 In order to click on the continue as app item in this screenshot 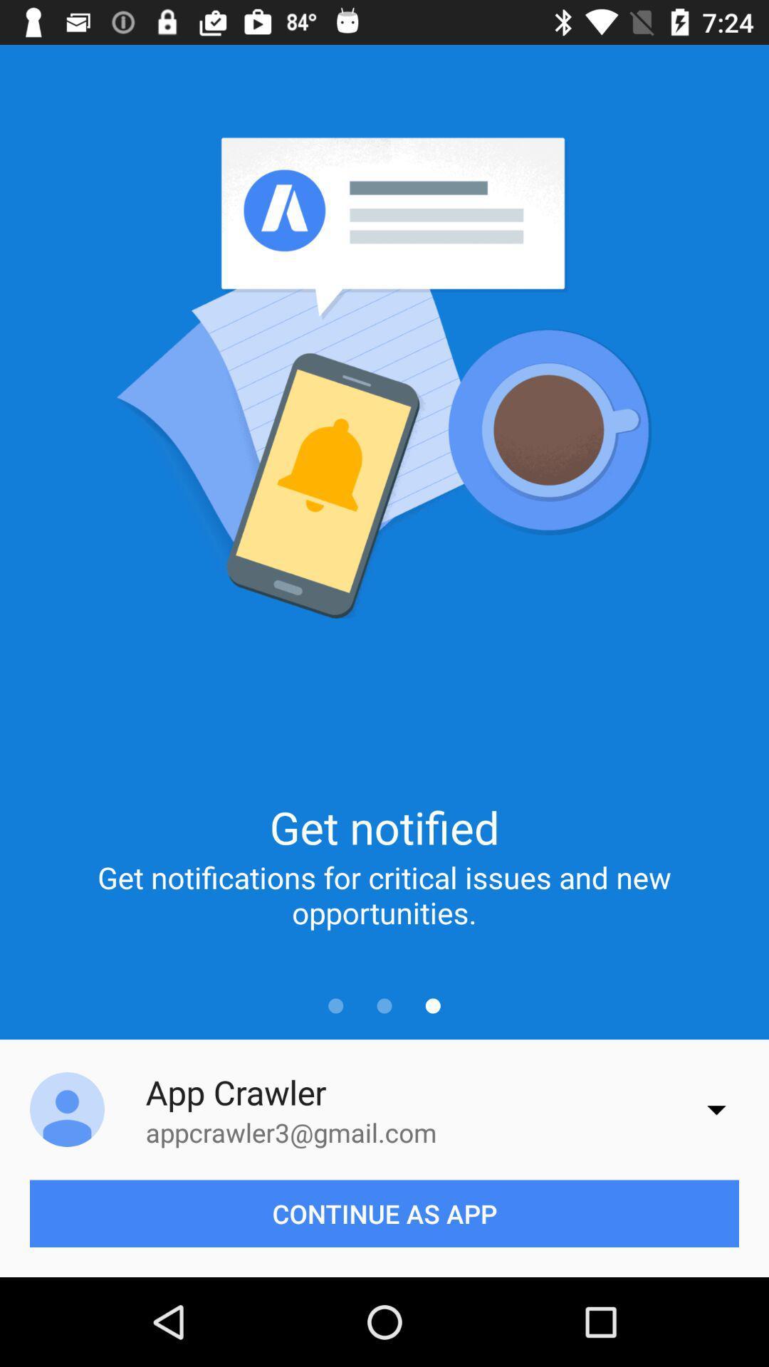, I will do `click(384, 1213)`.